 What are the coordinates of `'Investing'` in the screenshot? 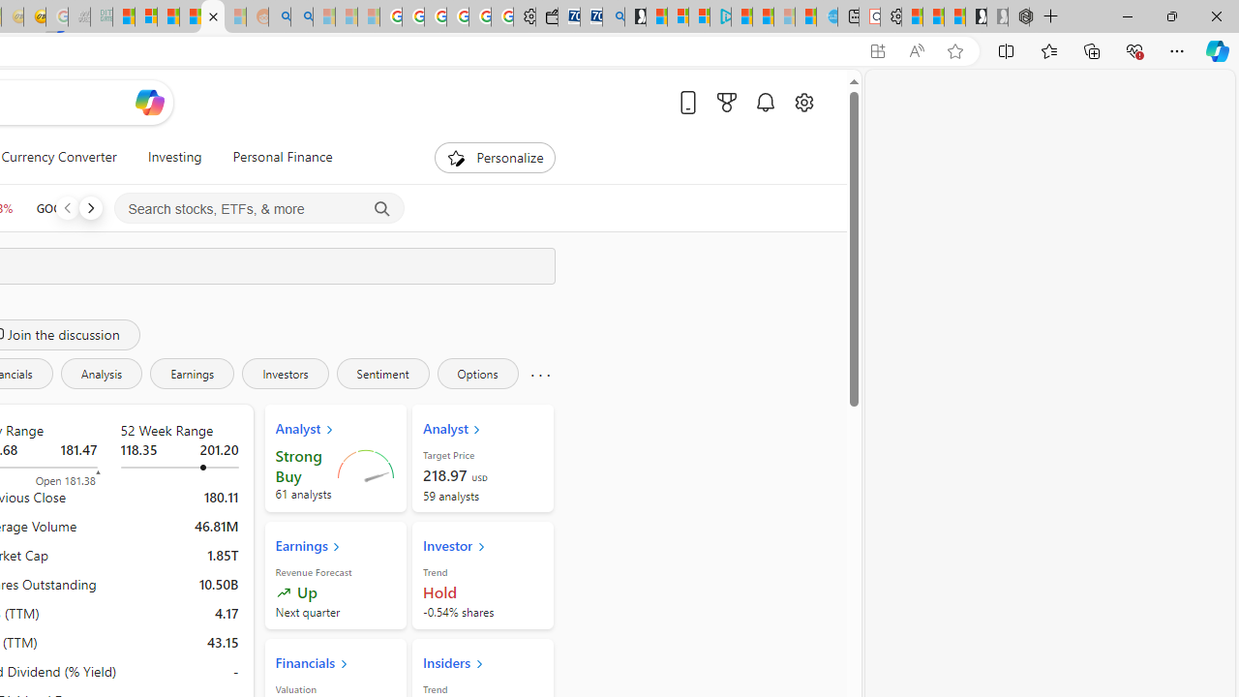 It's located at (174, 157).